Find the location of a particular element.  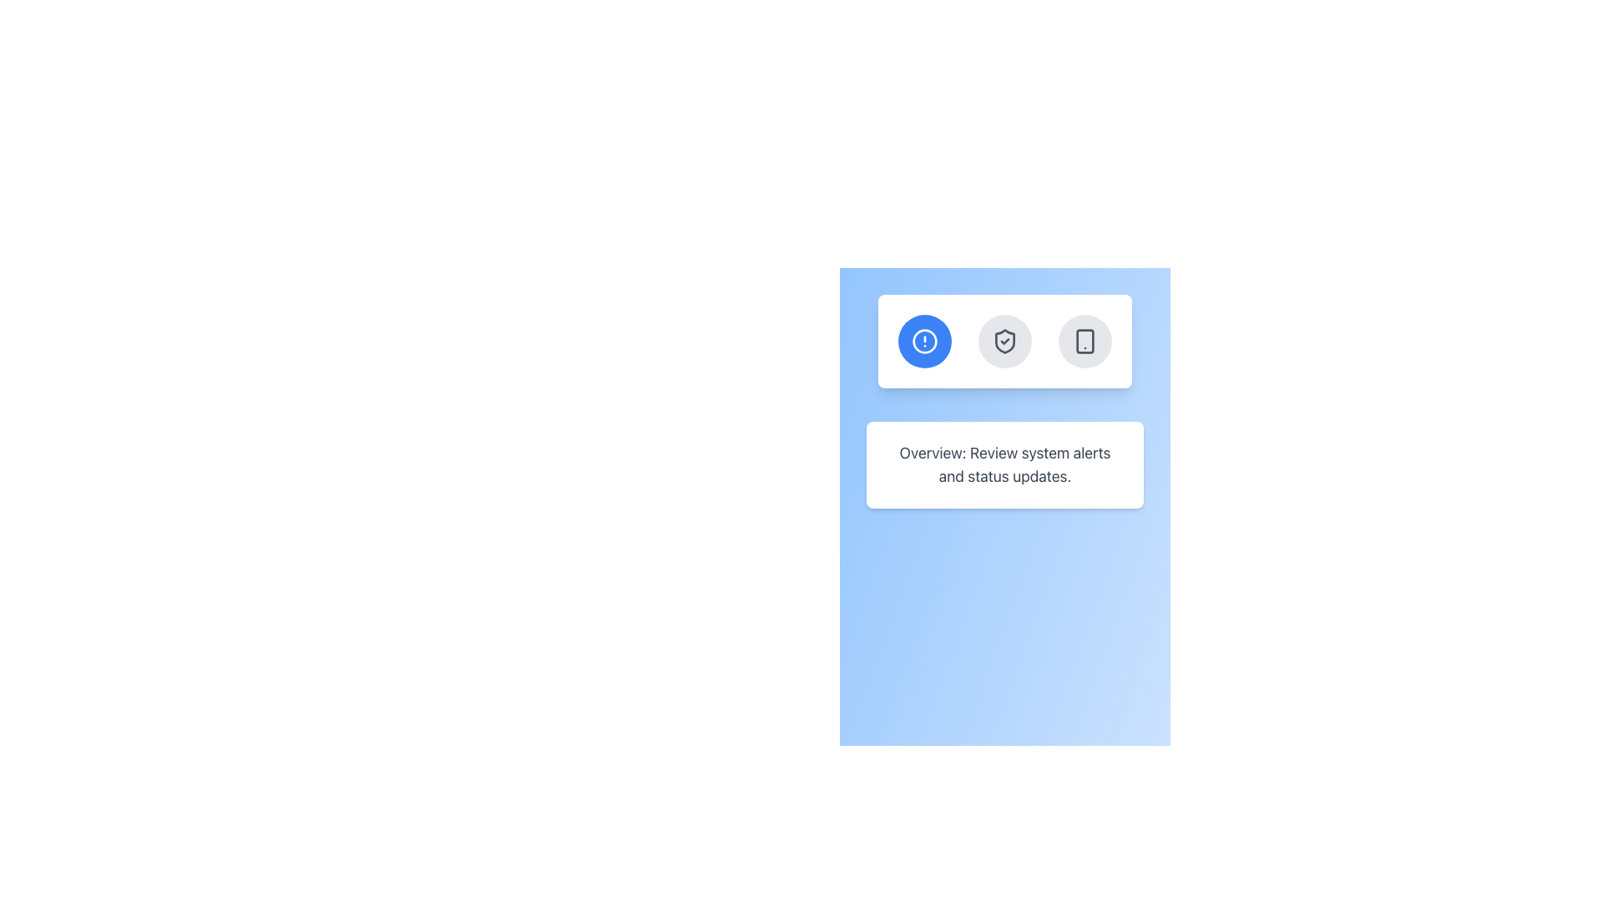

the central rectangular component of the smartphone icon, which is part of the rightmost group of three circular icon buttons on the interface is located at coordinates (1085, 340).